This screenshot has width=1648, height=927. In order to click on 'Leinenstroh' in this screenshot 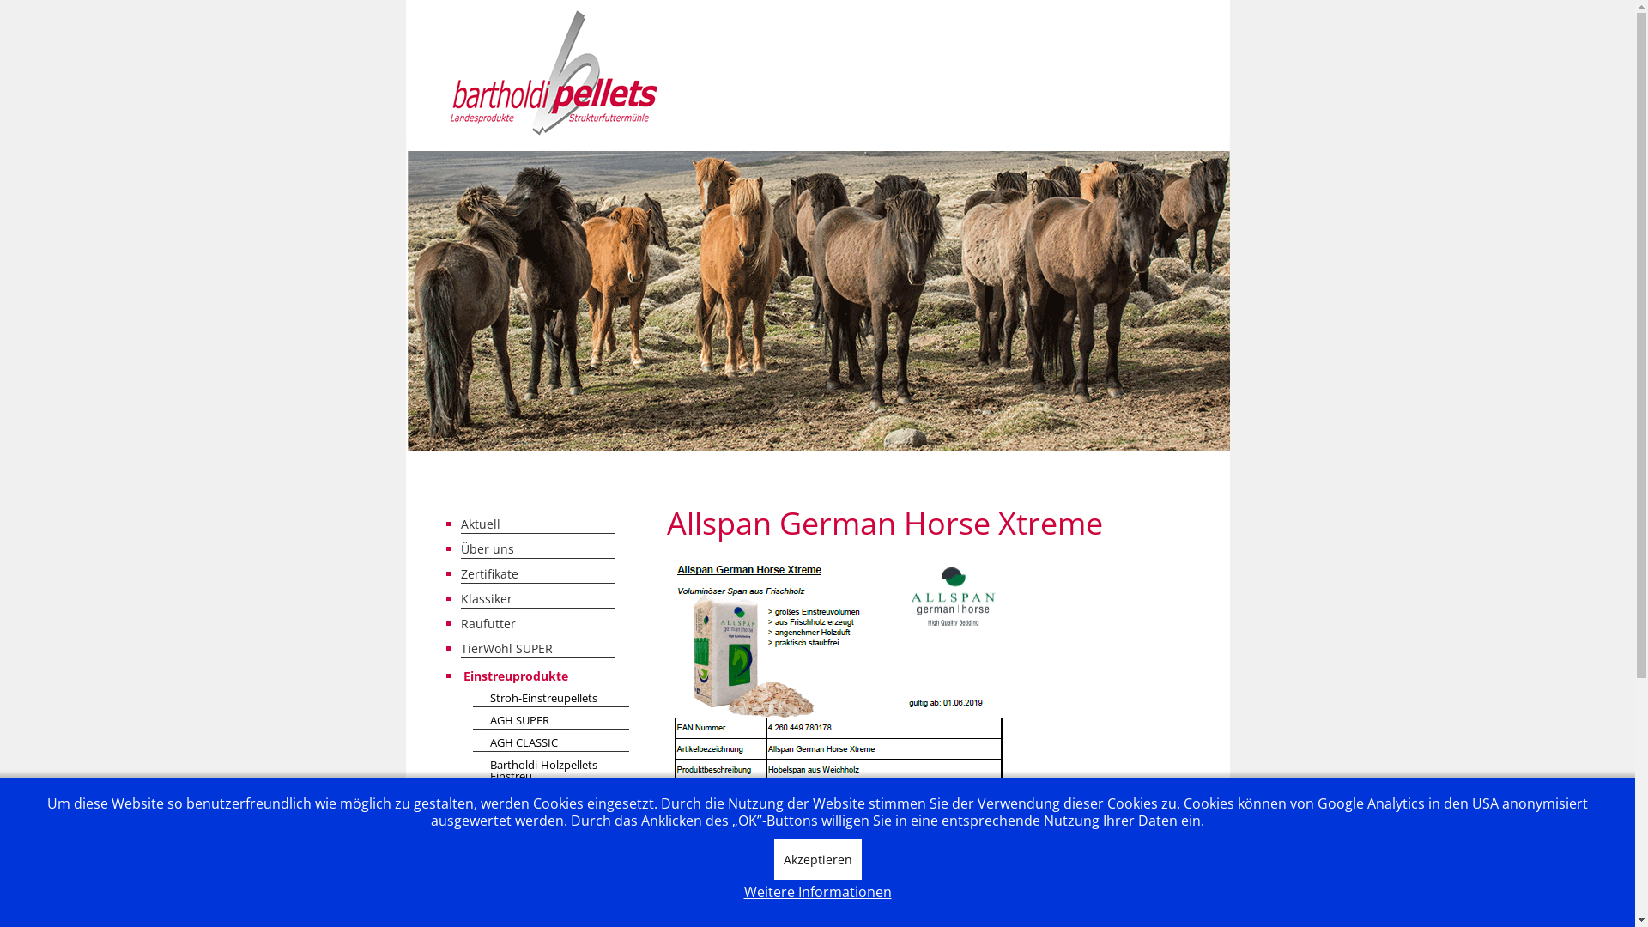, I will do `click(472, 799)`.